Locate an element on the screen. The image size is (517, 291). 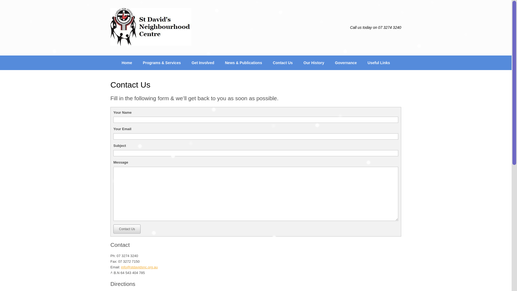
'Programs & Services' is located at coordinates (162, 62).